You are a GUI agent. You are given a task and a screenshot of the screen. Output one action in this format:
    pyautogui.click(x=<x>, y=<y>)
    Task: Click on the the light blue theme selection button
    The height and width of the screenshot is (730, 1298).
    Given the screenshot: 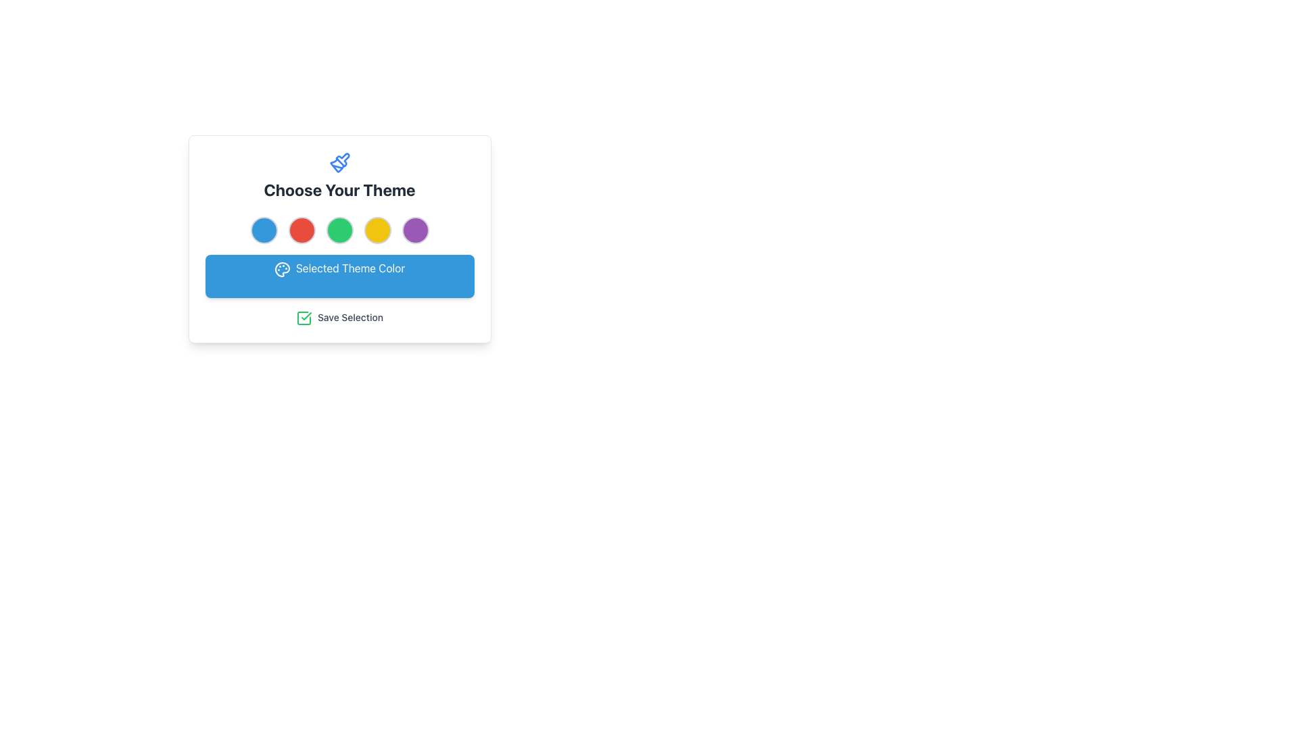 What is the action you would take?
    pyautogui.click(x=264, y=229)
    